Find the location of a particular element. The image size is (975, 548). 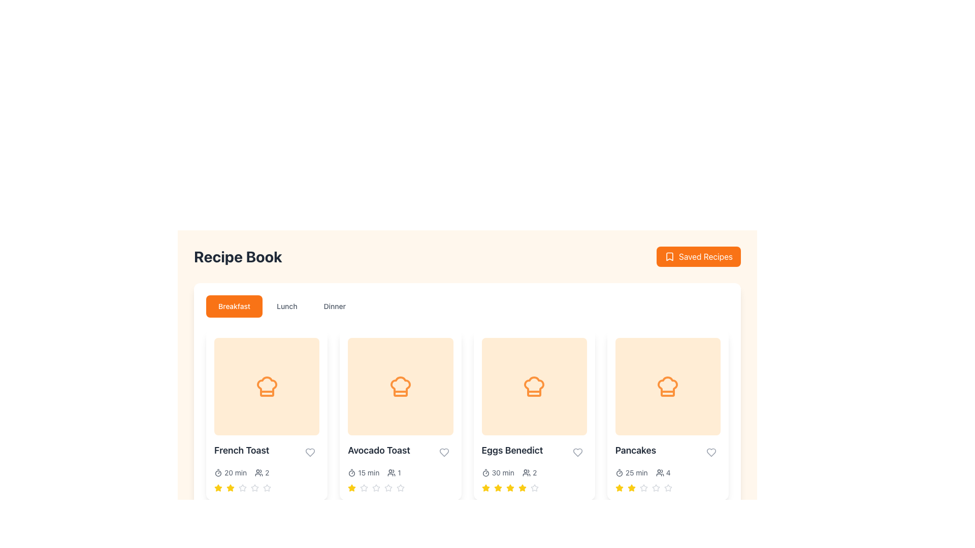

information displayed in the text label showing '20 min 2' with gray styling, located at the lower part of the 'French Toast' recipe card under the 'Breakfast' tab is located at coordinates (267, 473).